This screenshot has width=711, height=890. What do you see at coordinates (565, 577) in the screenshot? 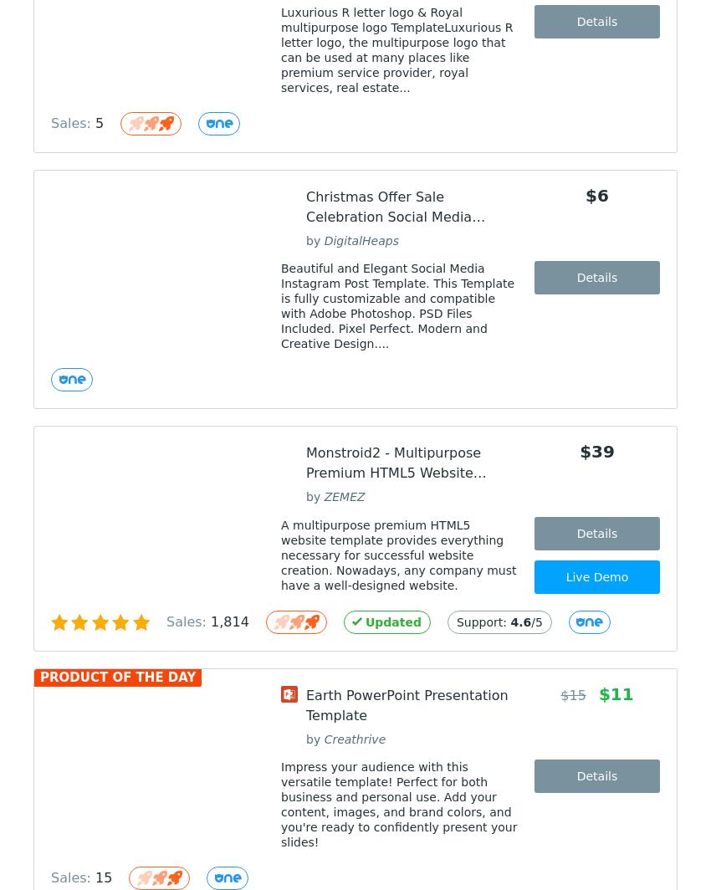
I see `'Live Demo'` at bounding box center [565, 577].